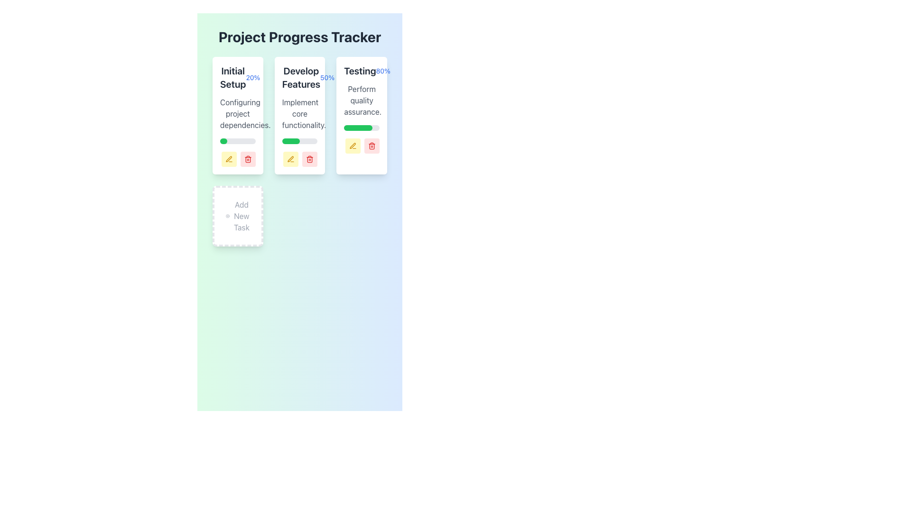  What do you see at coordinates (361, 128) in the screenshot?
I see `the horizontal progress bar styled as a rounded rectangle with a grey background and green inner section, located within the card labeled 'Testing 80%', positioned below the text 'Perform quality assurance.'` at bounding box center [361, 128].